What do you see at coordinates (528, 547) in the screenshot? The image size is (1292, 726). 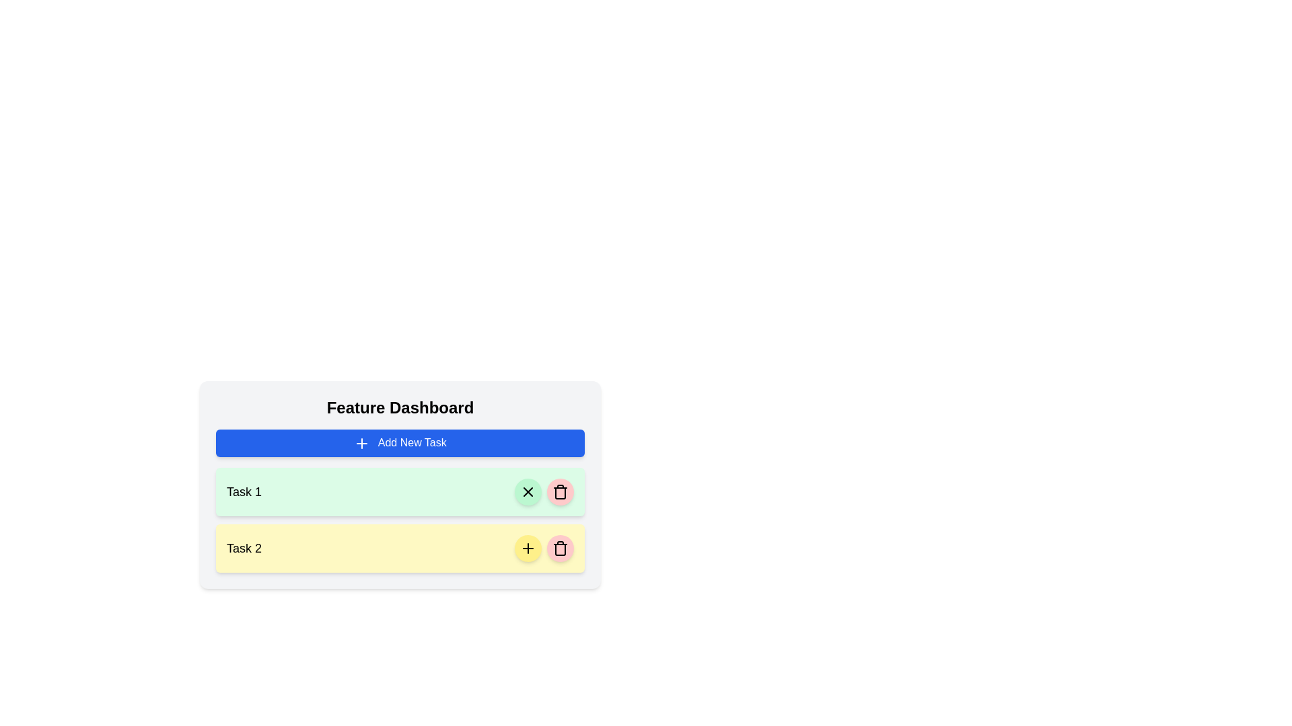 I see `the circular yellow button with a plus sign (+) located on the right side of the task row labeled 'Task 2' to trigger tooltip or highlighting effects` at bounding box center [528, 547].